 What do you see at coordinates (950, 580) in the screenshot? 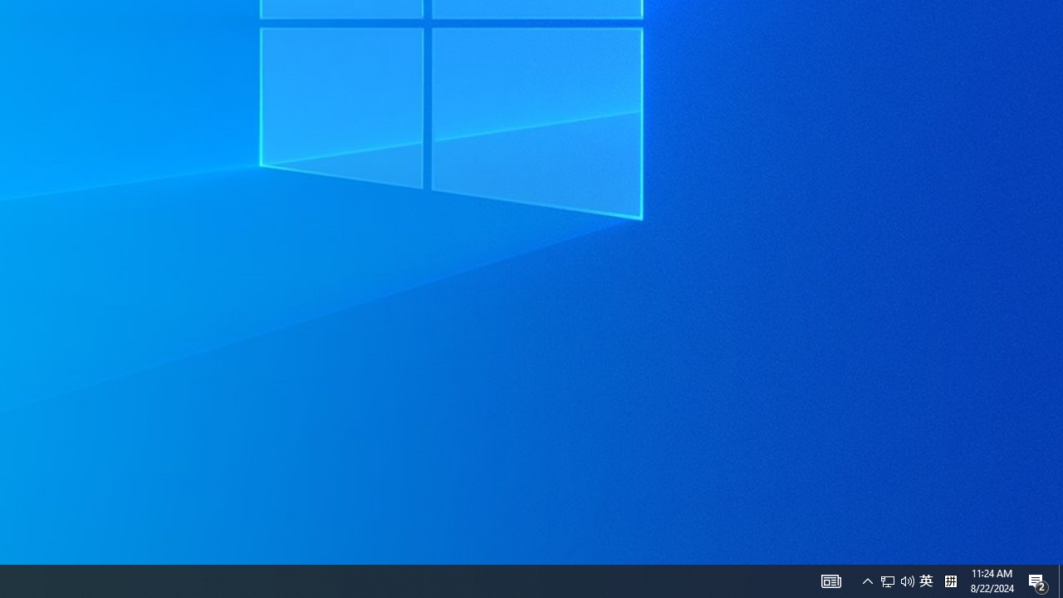
I see `'Tray Input Indicator - Chinese (Simplified, China)'` at bounding box center [950, 580].